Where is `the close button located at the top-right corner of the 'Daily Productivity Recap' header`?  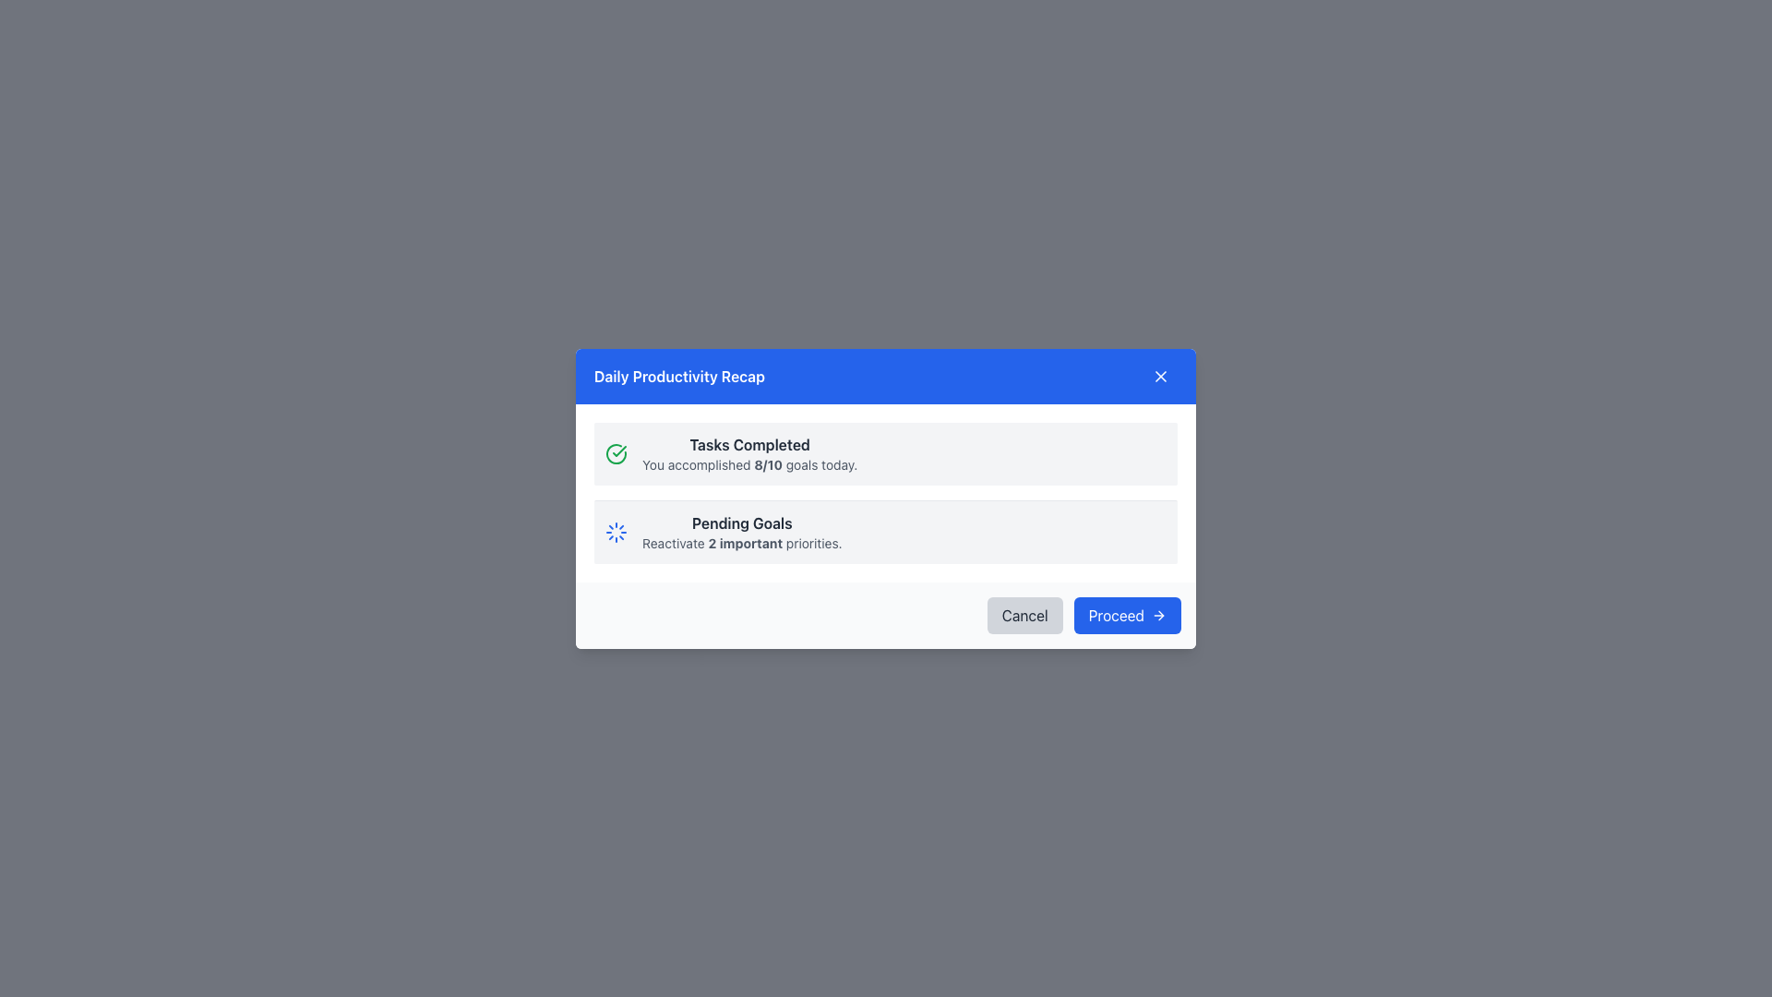 the close button located at the top-right corner of the 'Daily Productivity Recap' header is located at coordinates (1159, 375).